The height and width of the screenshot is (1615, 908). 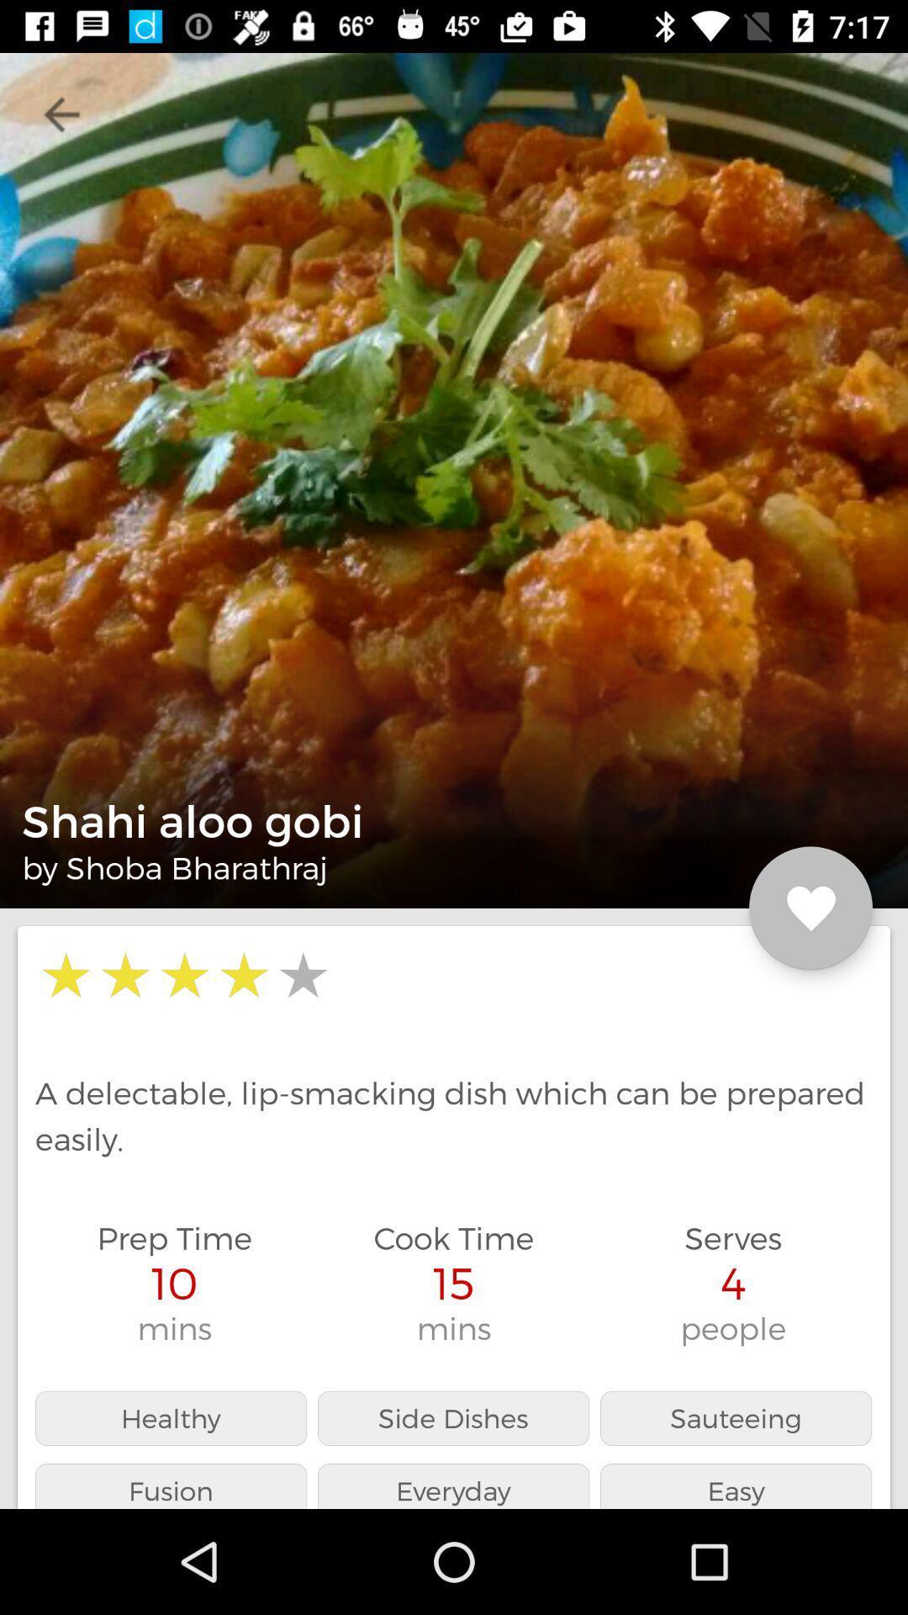 What do you see at coordinates (810, 908) in the screenshot?
I see `the favorite icon` at bounding box center [810, 908].